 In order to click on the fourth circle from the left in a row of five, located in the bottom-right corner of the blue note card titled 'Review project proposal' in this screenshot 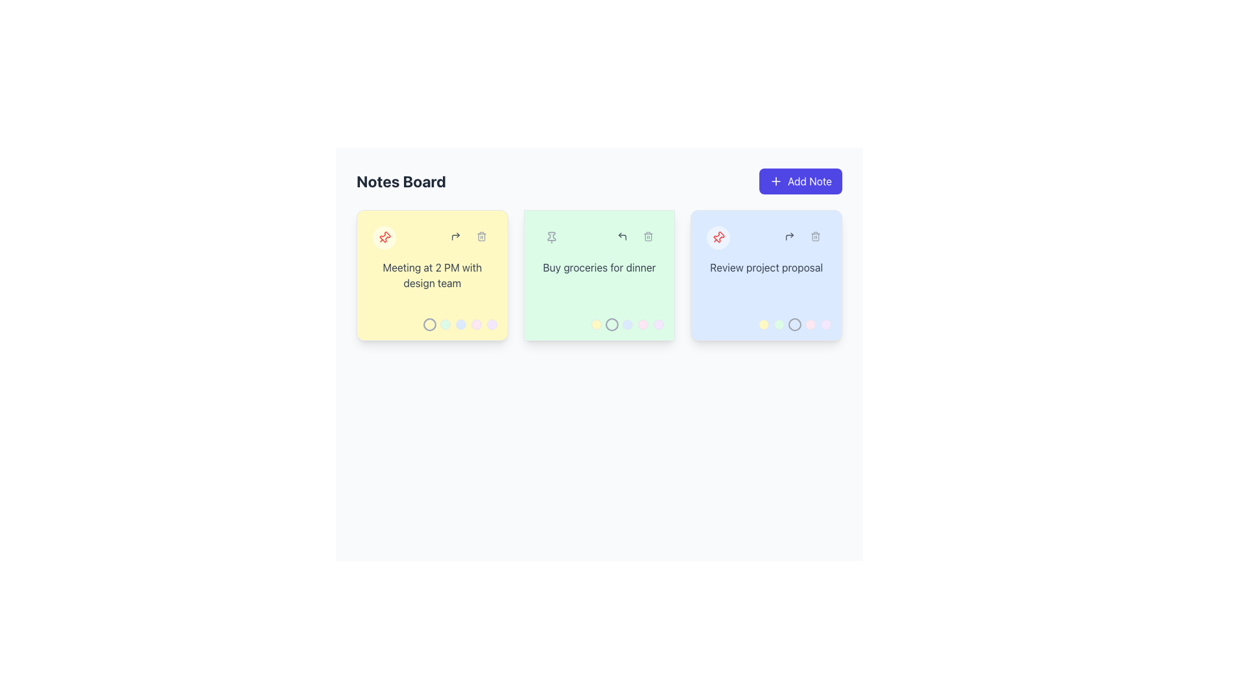, I will do `click(809, 324)`.